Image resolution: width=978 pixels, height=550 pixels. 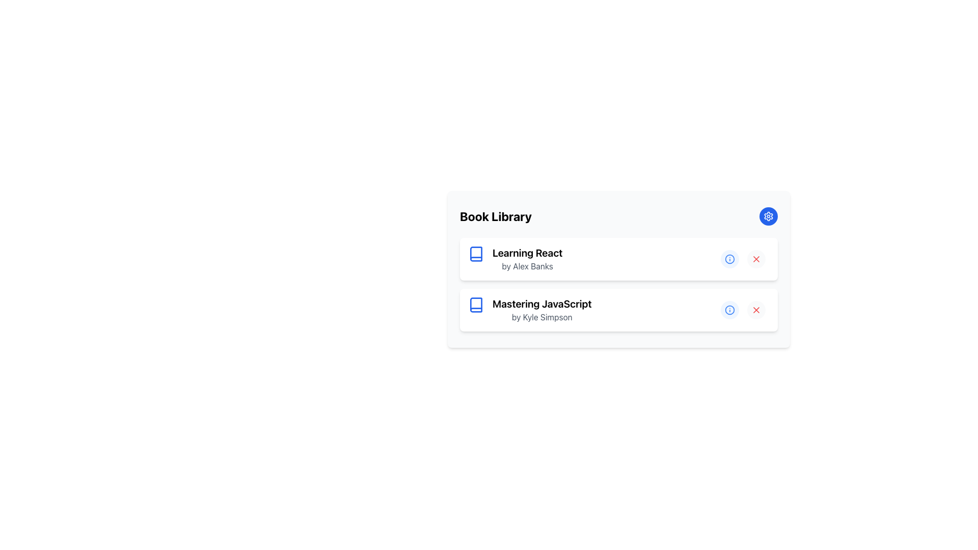 I want to click on the title text label of the book 'Mastering JavaScript', which is positioned above the author's name 'by Kyle Simpson', so click(x=541, y=304).